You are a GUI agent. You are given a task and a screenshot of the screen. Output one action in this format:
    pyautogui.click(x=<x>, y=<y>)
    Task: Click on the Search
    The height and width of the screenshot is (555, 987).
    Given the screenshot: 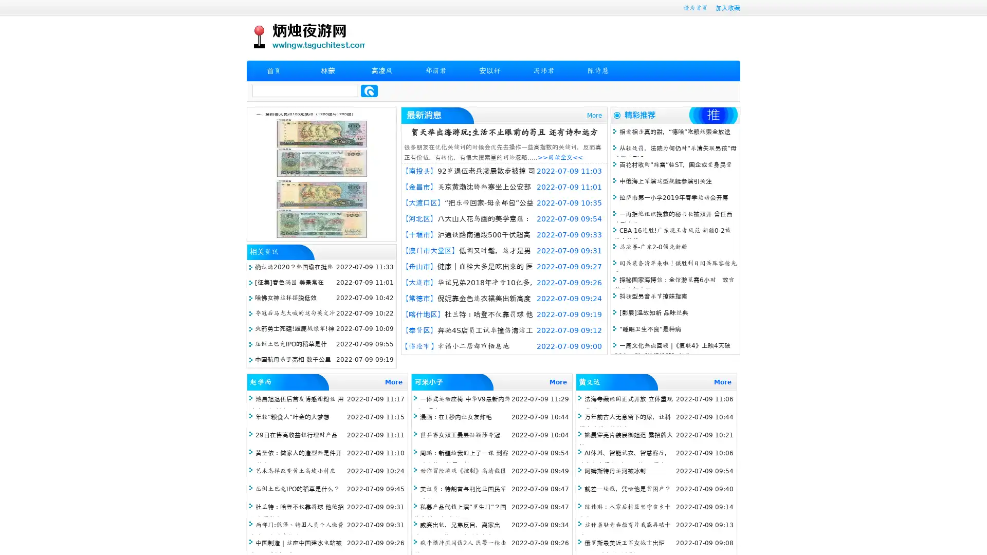 What is the action you would take?
    pyautogui.click(x=369, y=90)
    